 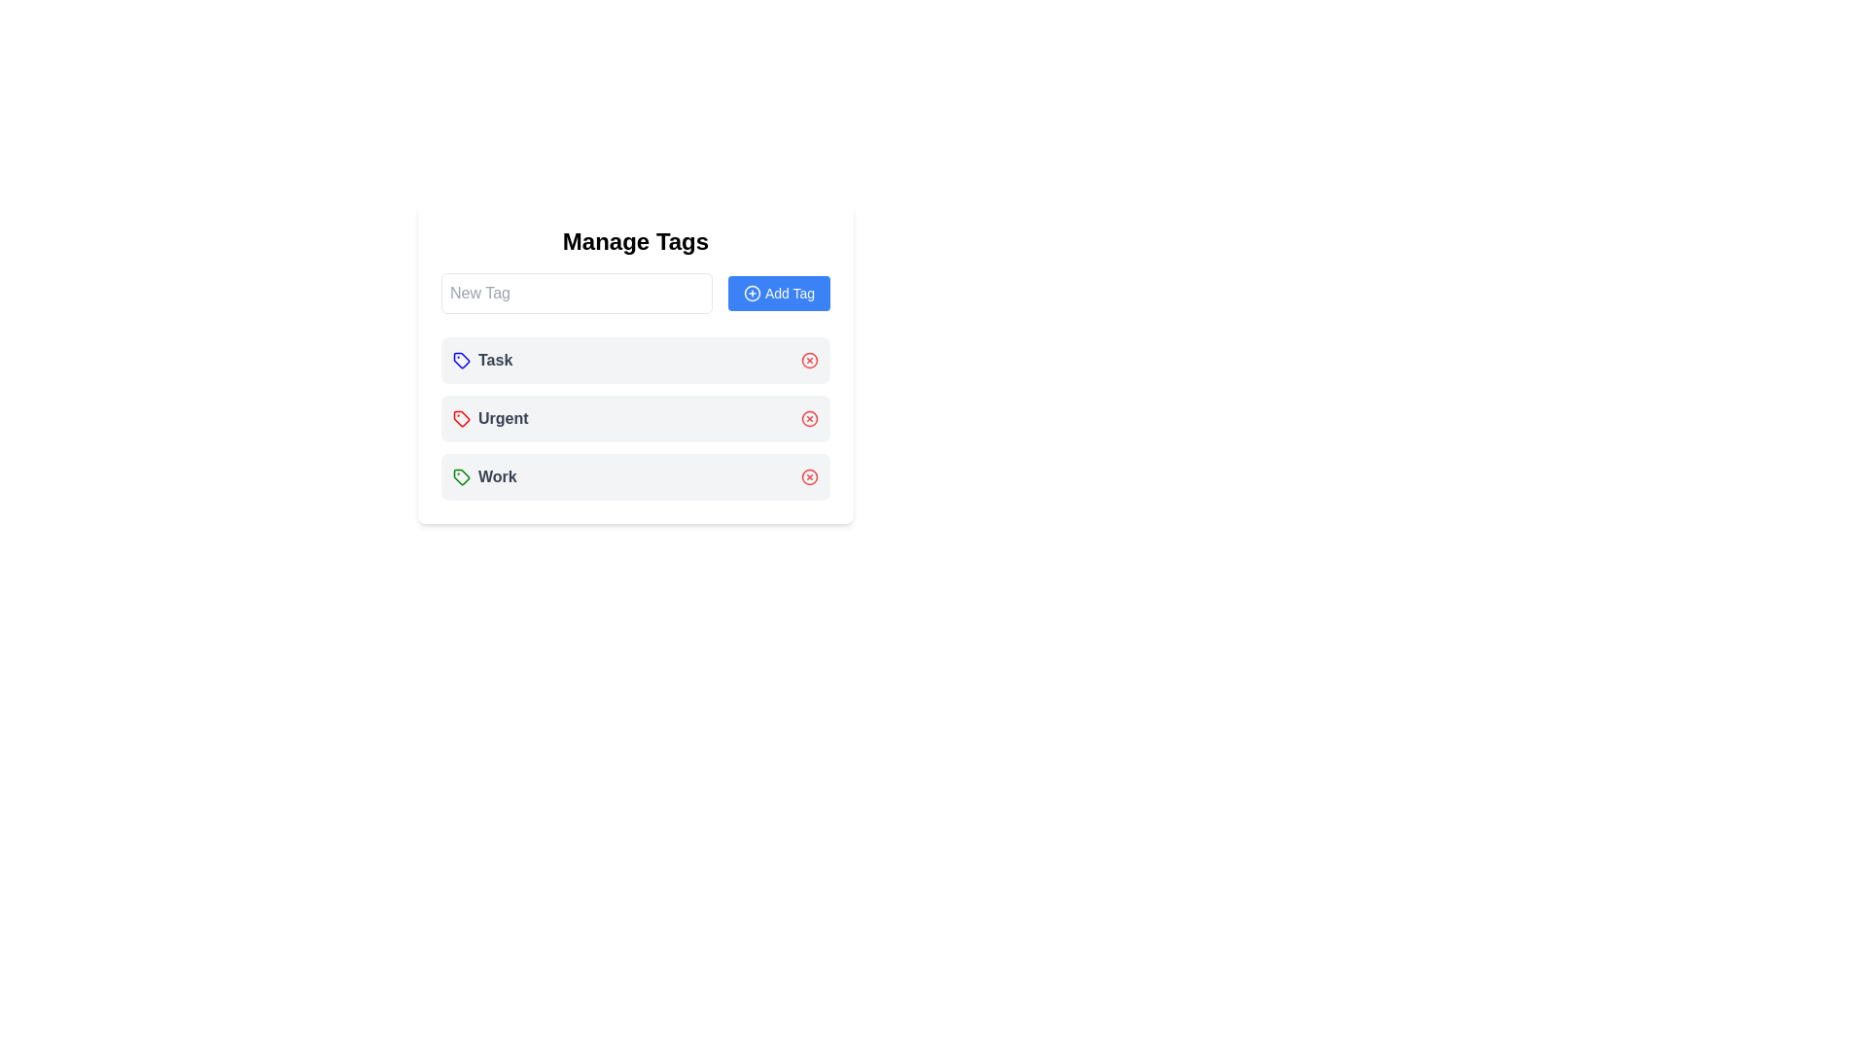 What do you see at coordinates (461, 418) in the screenshot?
I see `the tag icon` at bounding box center [461, 418].